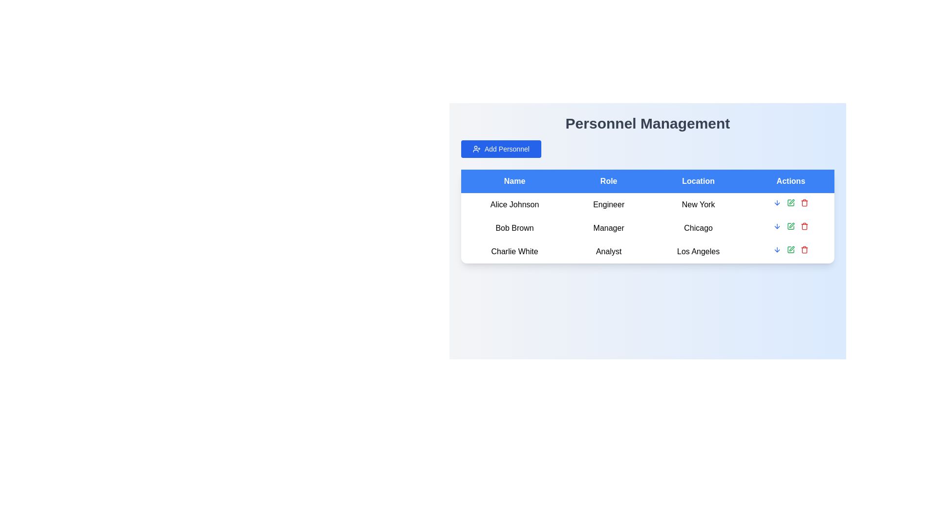  What do you see at coordinates (647, 228) in the screenshot?
I see `the second row of the personnel table that displays information about 'Bob Brown', including his role as 'Manager' and location in 'Chicago'` at bounding box center [647, 228].